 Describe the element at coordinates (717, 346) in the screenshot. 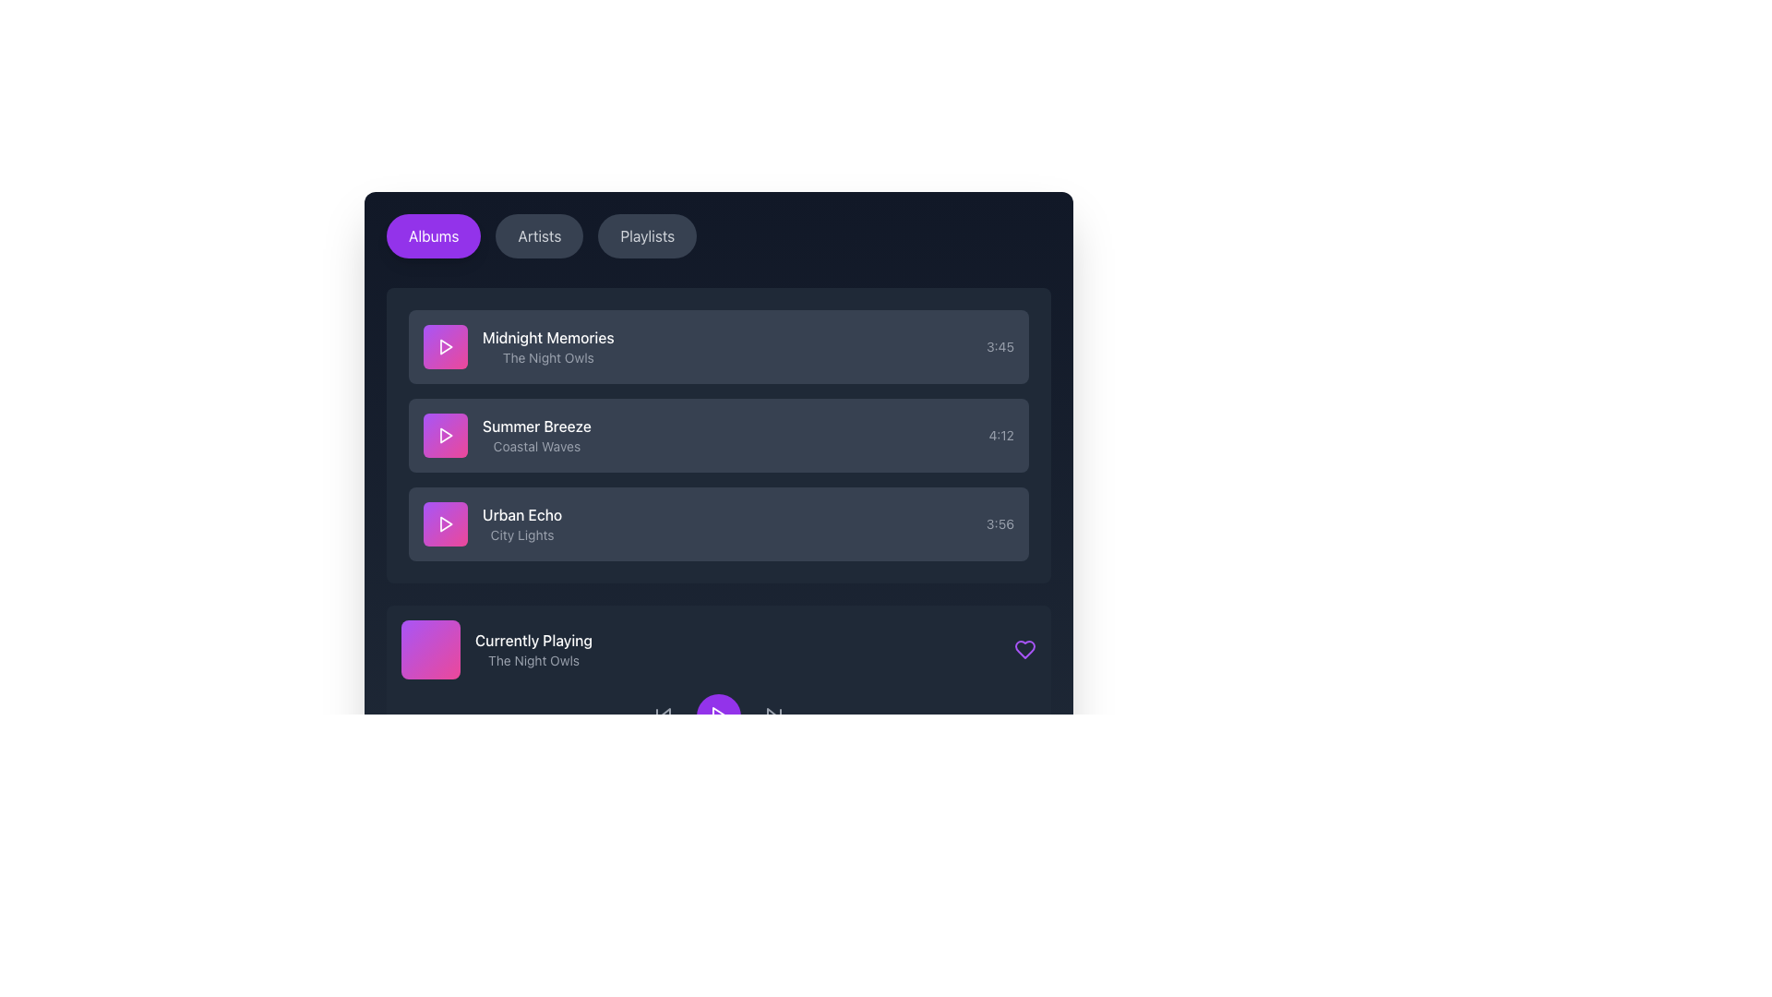

I see `the song title` at that location.